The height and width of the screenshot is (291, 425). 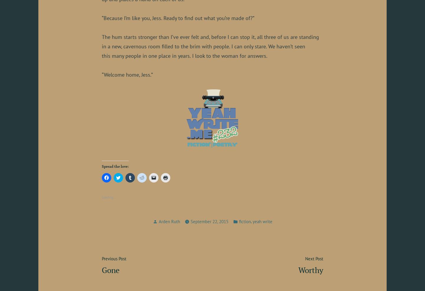 I want to click on 'Gone', so click(x=110, y=270).